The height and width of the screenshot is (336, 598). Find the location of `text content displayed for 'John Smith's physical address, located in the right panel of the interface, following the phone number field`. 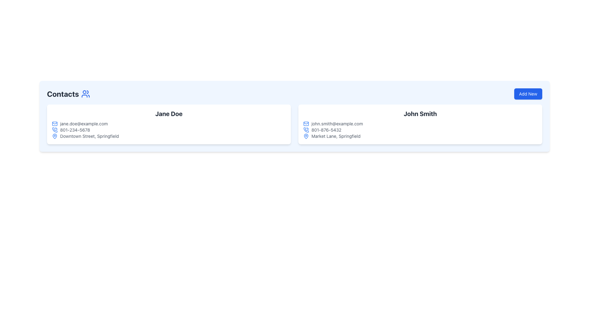

text content displayed for 'John Smith's physical address, located in the right panel of the interface, following the phone number field is located at coordinates (335, 136).